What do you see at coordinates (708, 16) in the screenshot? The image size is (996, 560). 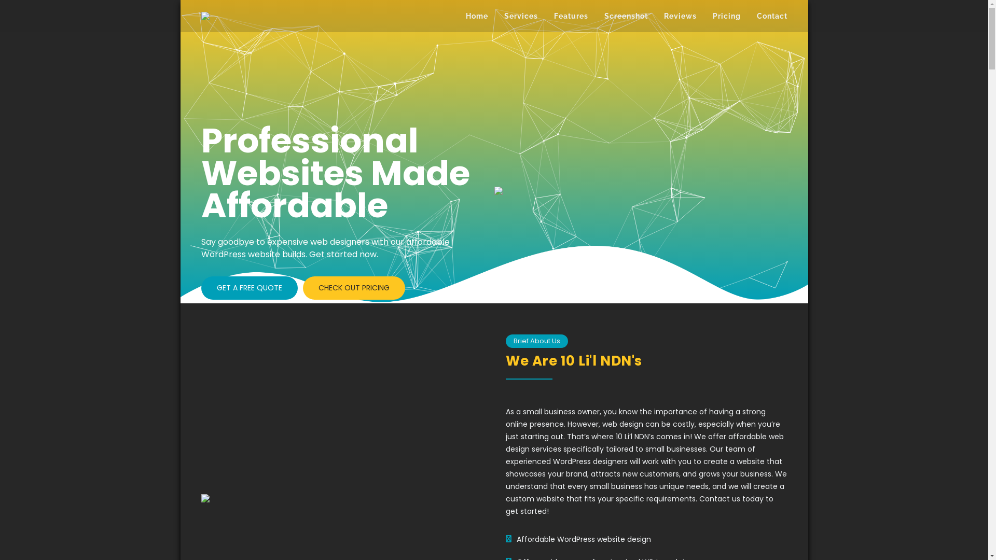 I see `'Pricing'` at bounding box center [708, 16].